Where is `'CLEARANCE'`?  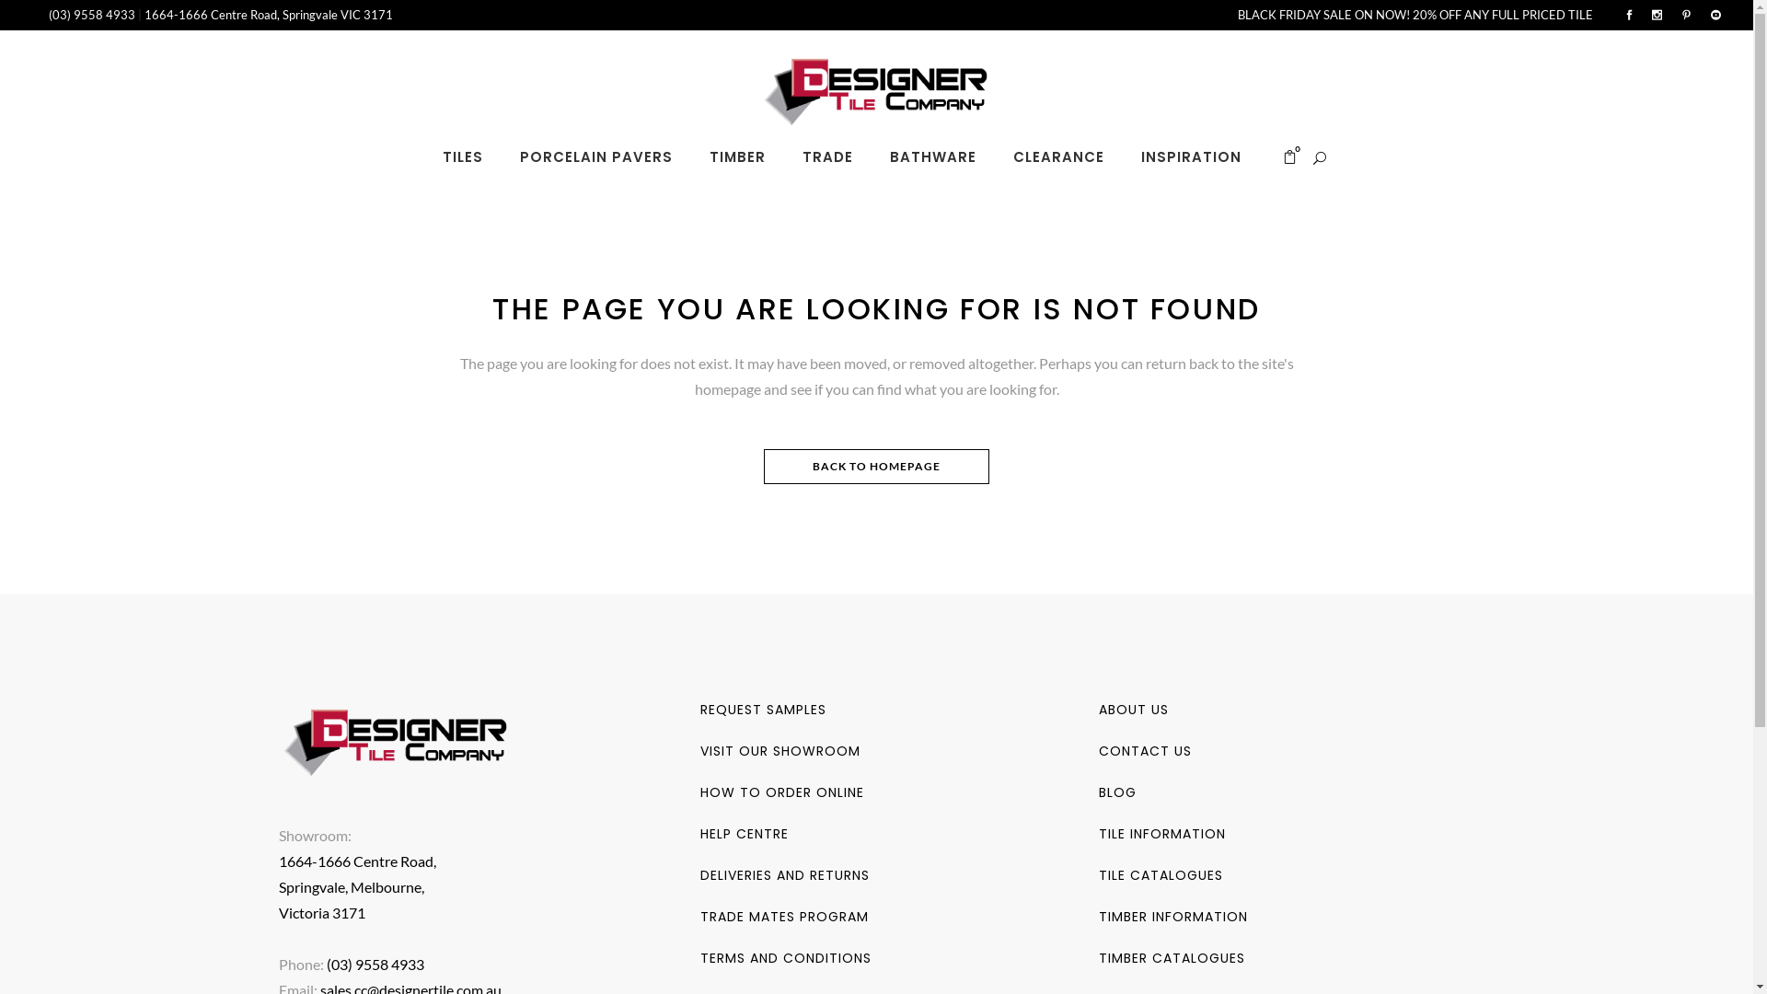
'CLEARANCE' is located at coordinates (1058, 156).